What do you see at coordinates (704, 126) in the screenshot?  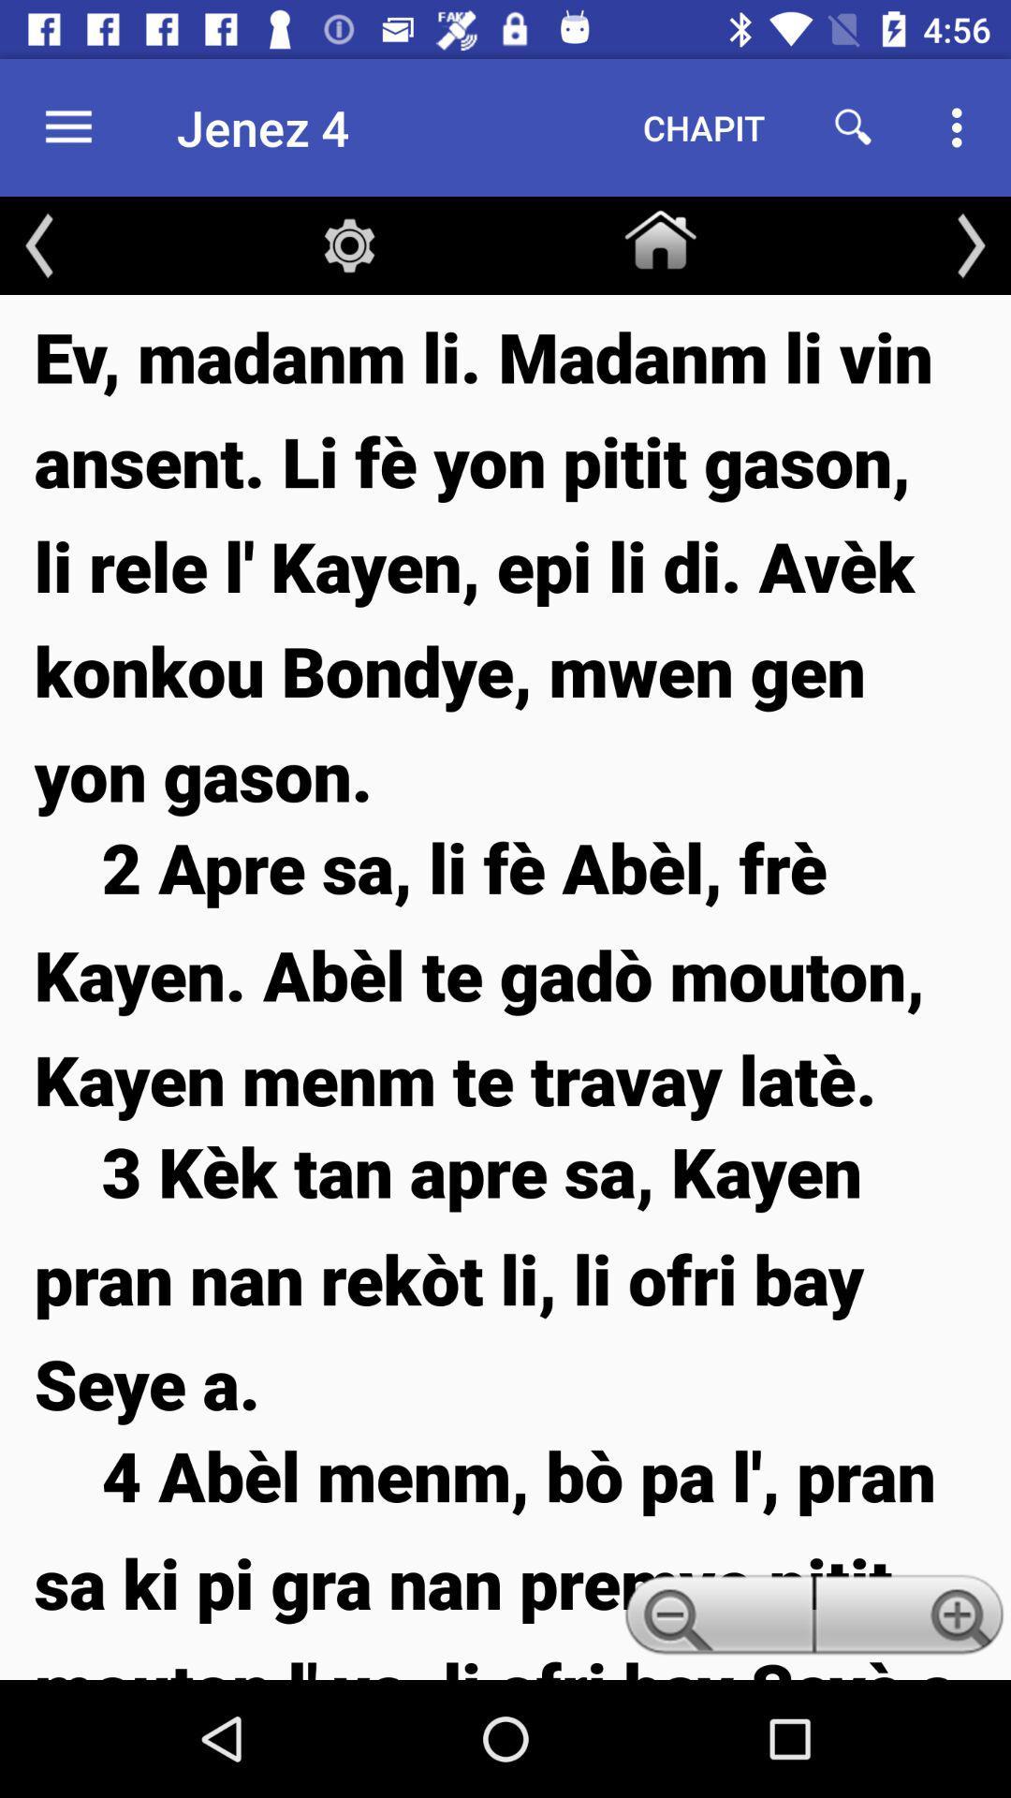 I see `icon next to the jenez 4` at bounding box center [704, 126].